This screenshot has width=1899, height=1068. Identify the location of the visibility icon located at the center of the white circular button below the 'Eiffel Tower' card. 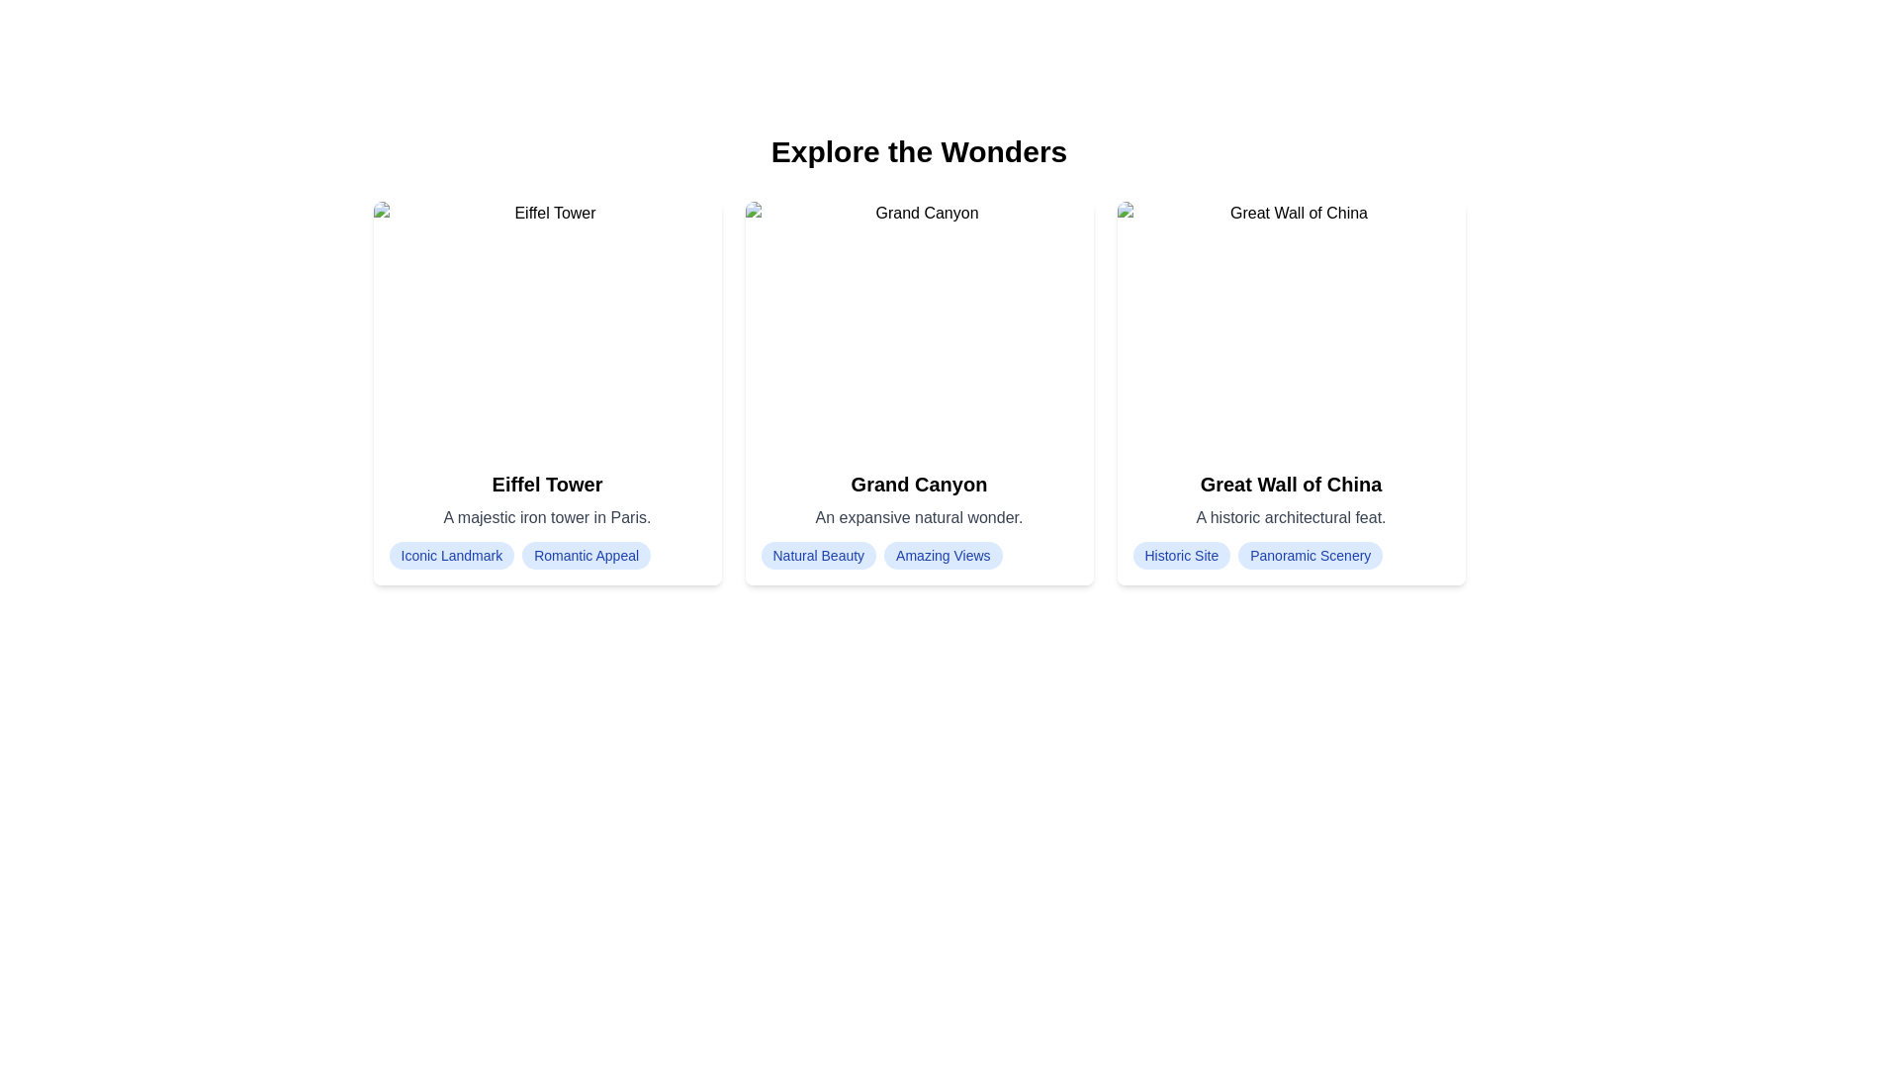
(547, 549).